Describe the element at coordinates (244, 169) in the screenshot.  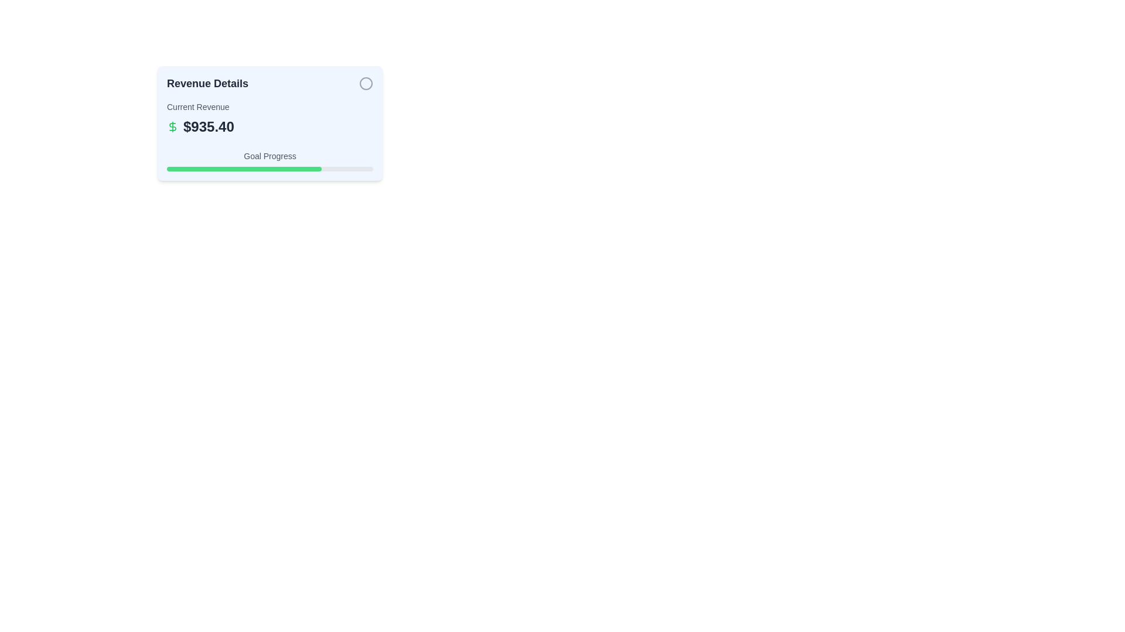
I see `the green progress bar located beneath the 'Goal Progress' label in the 'Revenue Details' card` at that location.